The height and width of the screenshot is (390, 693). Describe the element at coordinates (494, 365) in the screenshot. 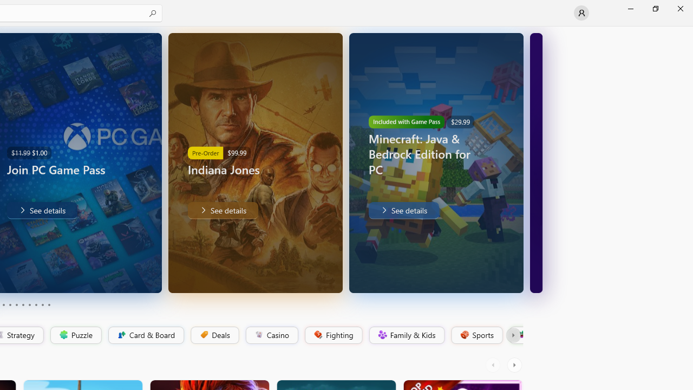

I see `'AutomationID: LeftScrollButton'` at that location.